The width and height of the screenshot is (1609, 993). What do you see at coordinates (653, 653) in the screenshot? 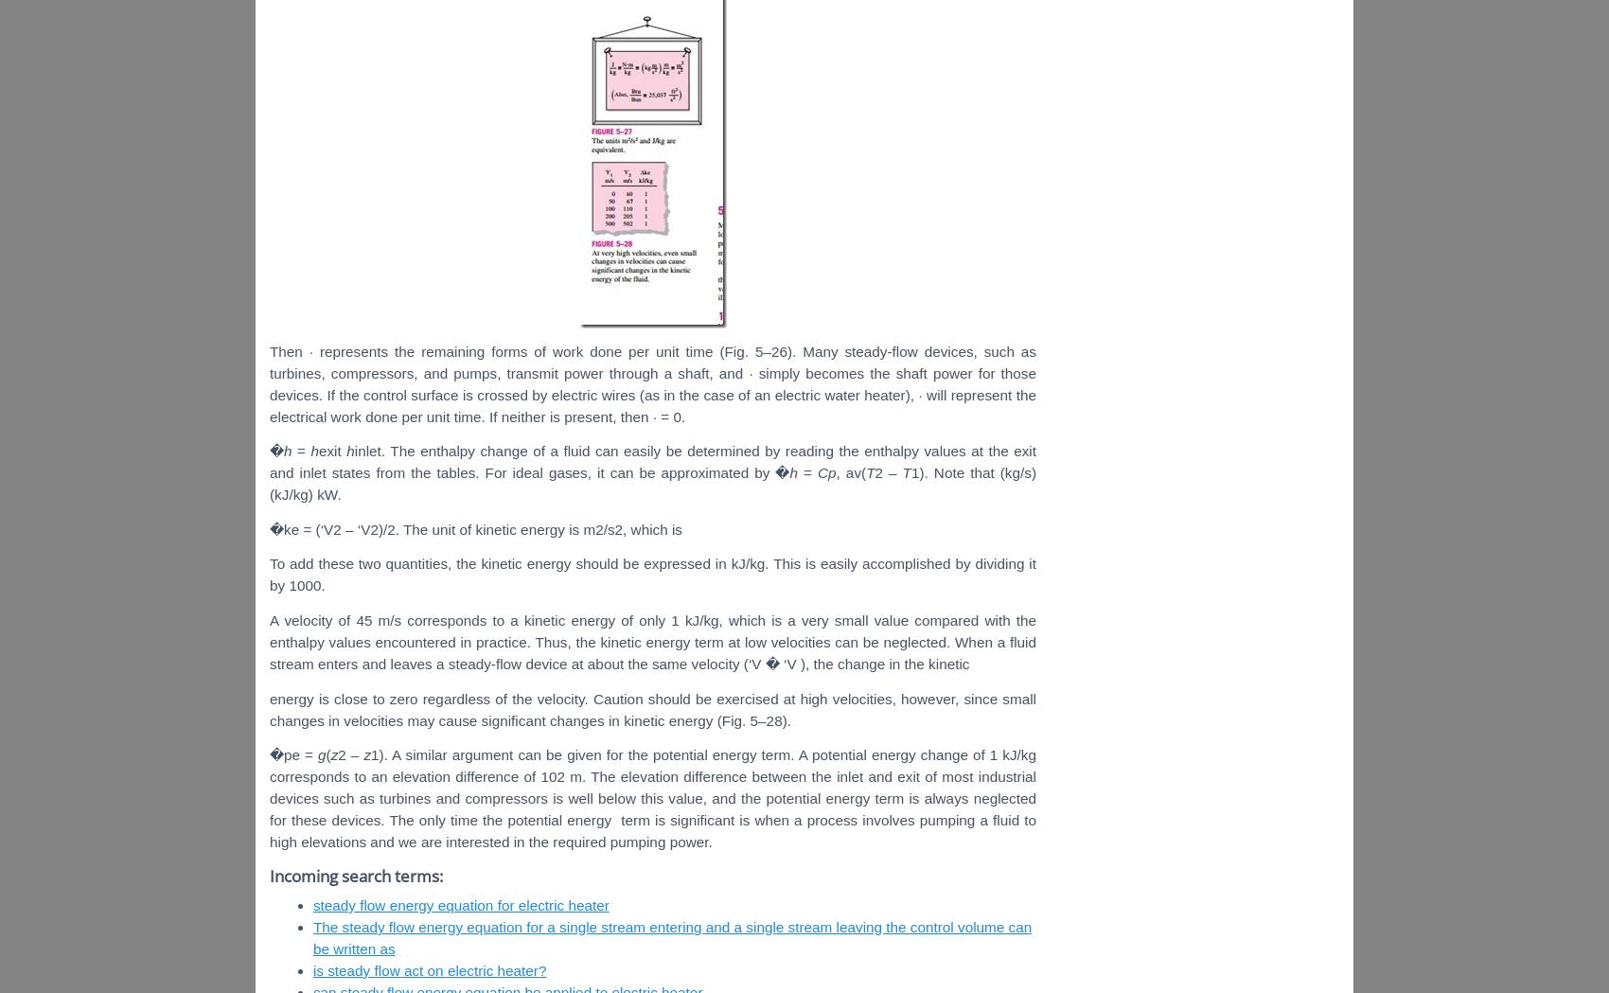
I see `'encountered in practice. Thus, the kinetic energy term at low velocities can be neglected. When a fluid stream enters and leaves a steady-flow'` at bounding box center [653, 653].